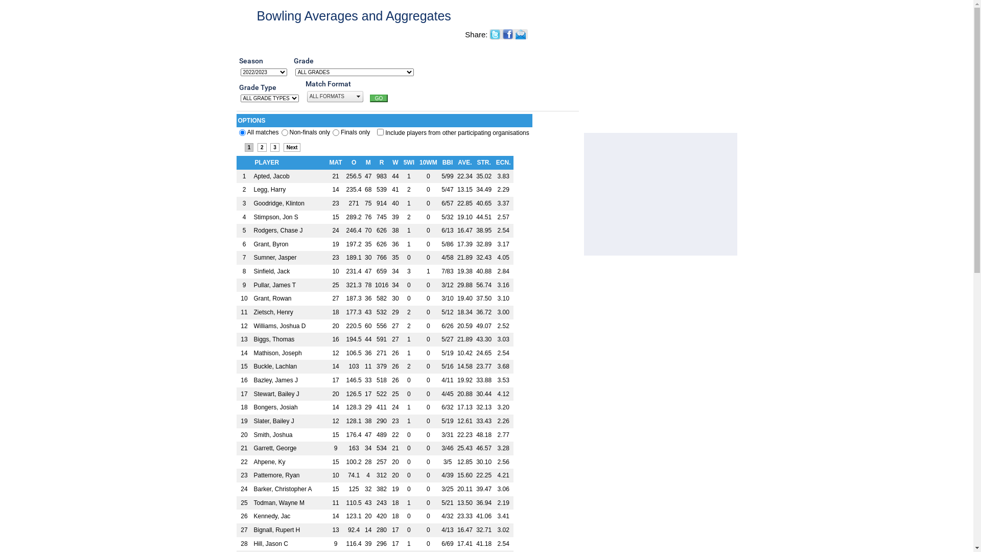  I want to click on '28 Hill, Jason C 9 116.4 39 296 17 1 0 6/69 17.41 41.18 2.54', so click(374, 543).